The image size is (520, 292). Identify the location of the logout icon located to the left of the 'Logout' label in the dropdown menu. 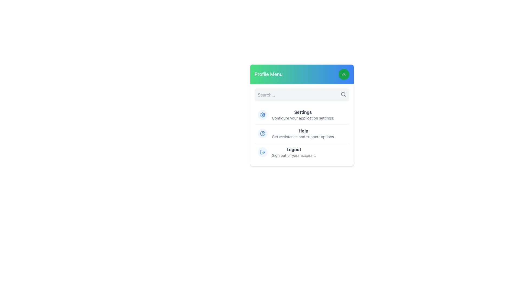
(262, 152).